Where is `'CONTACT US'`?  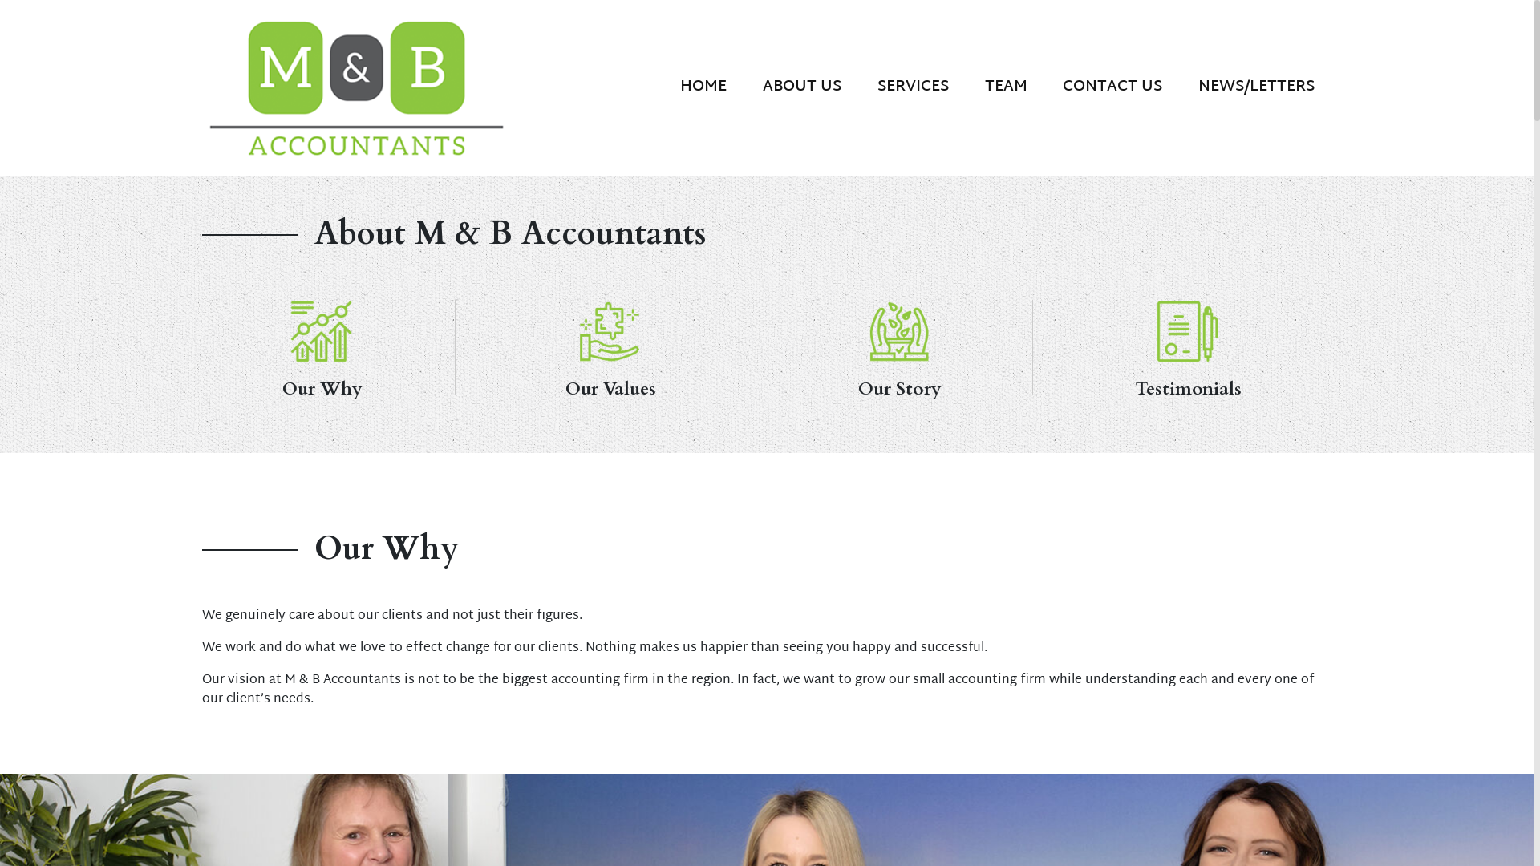
'CONTACT US' is located at coordinates (1044, 86).